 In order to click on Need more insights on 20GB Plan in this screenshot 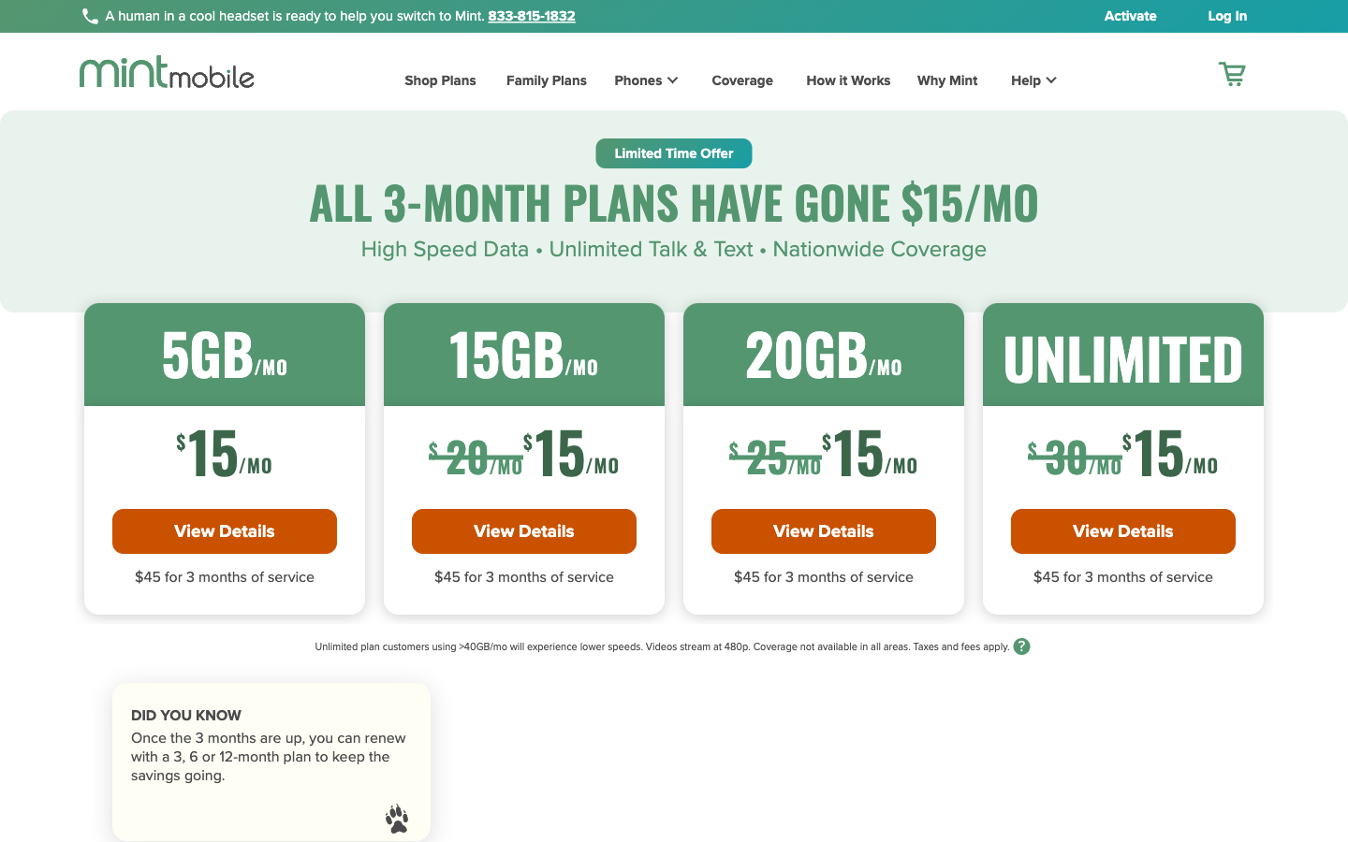, I will do `click(822, 530)`.